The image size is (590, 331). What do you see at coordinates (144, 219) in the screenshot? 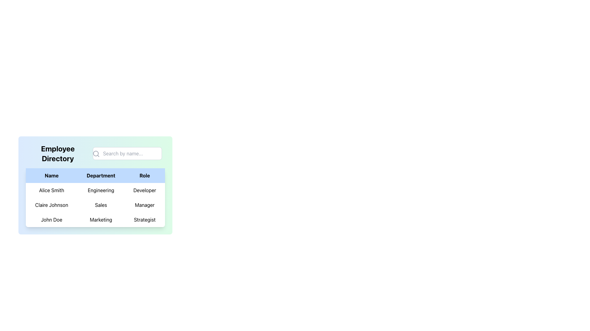
I see `the 'Strategist' label in bold black font located in the 'Role' column of the third row of the table` at bounding box center [144, 219].